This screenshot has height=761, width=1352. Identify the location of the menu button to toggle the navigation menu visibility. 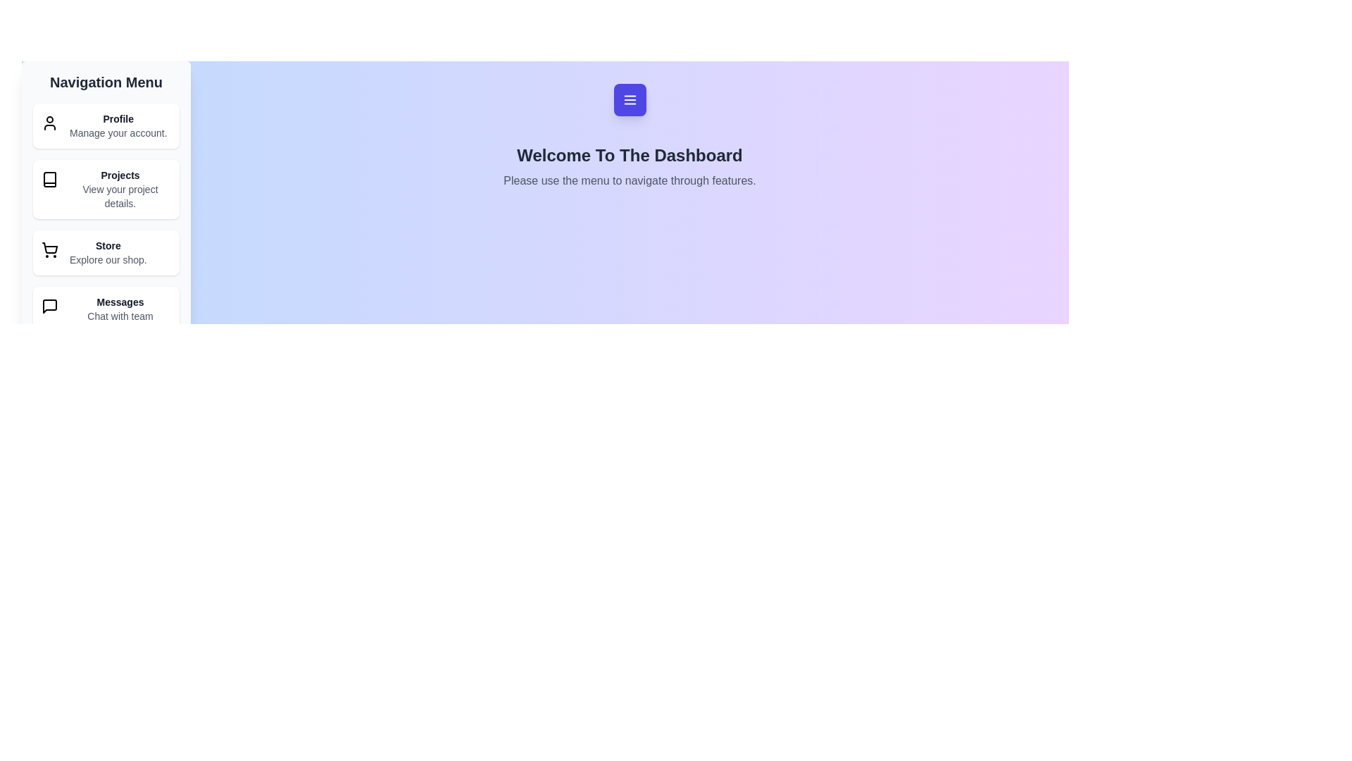
(629, 99).